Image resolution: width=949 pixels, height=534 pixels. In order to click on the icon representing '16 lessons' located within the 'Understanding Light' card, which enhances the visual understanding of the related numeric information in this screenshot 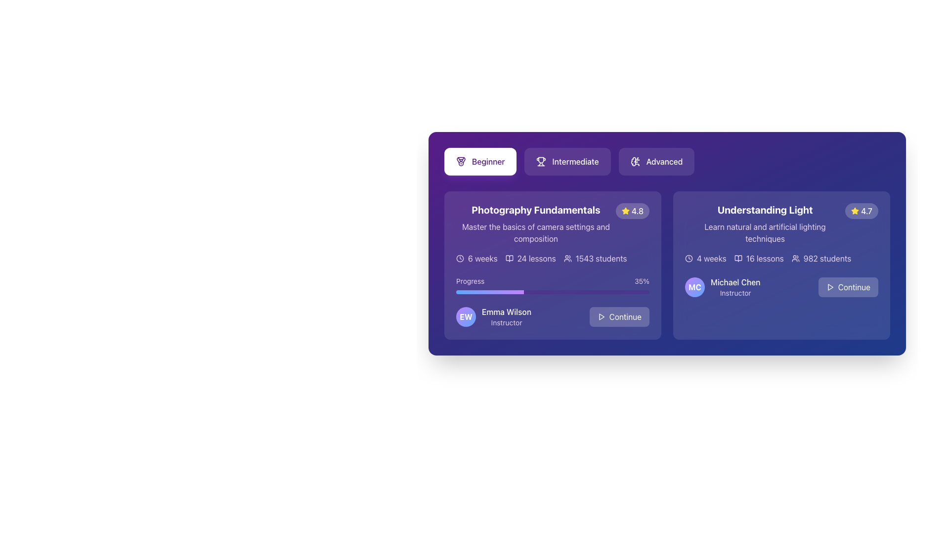, I will do `click(738, 258)`.